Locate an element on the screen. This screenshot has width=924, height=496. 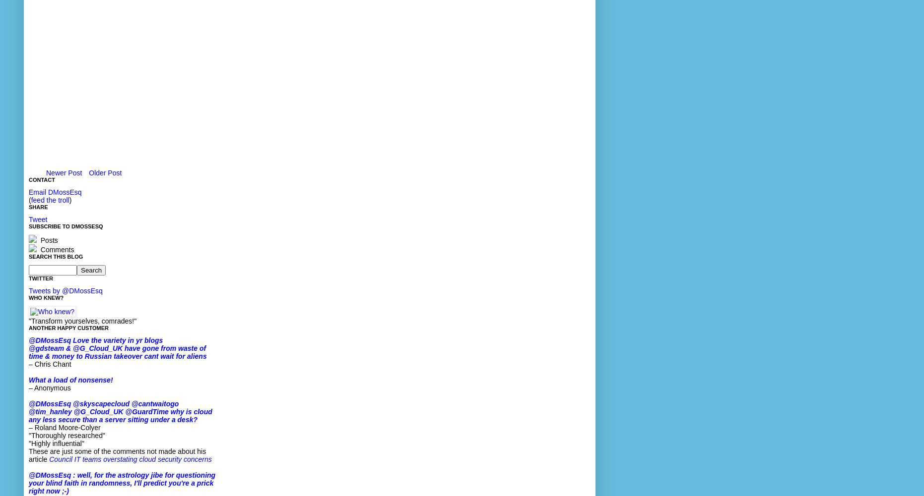
'Subscribe To DMossEsq' is located at coordinates (66, 226).